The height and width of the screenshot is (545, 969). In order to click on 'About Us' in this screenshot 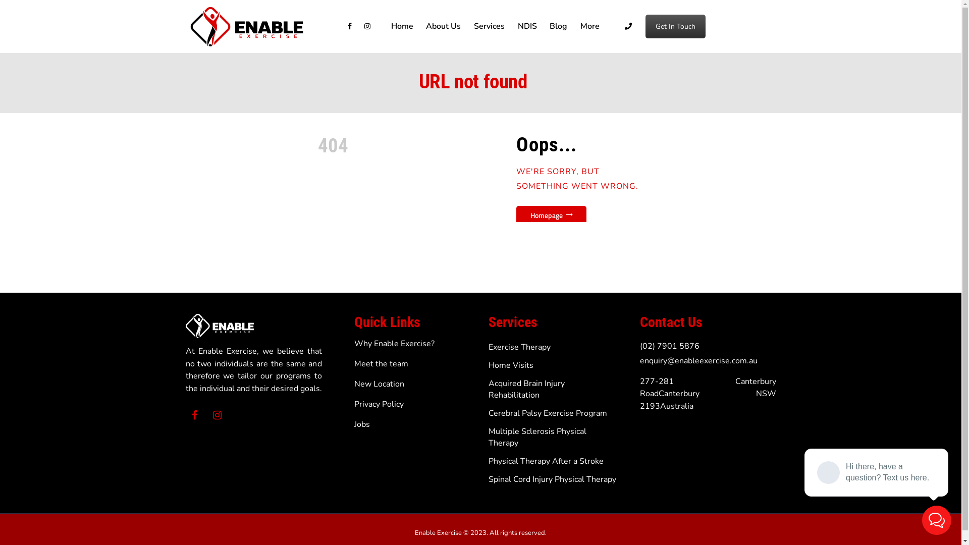, I will do `click(444, 26)`.